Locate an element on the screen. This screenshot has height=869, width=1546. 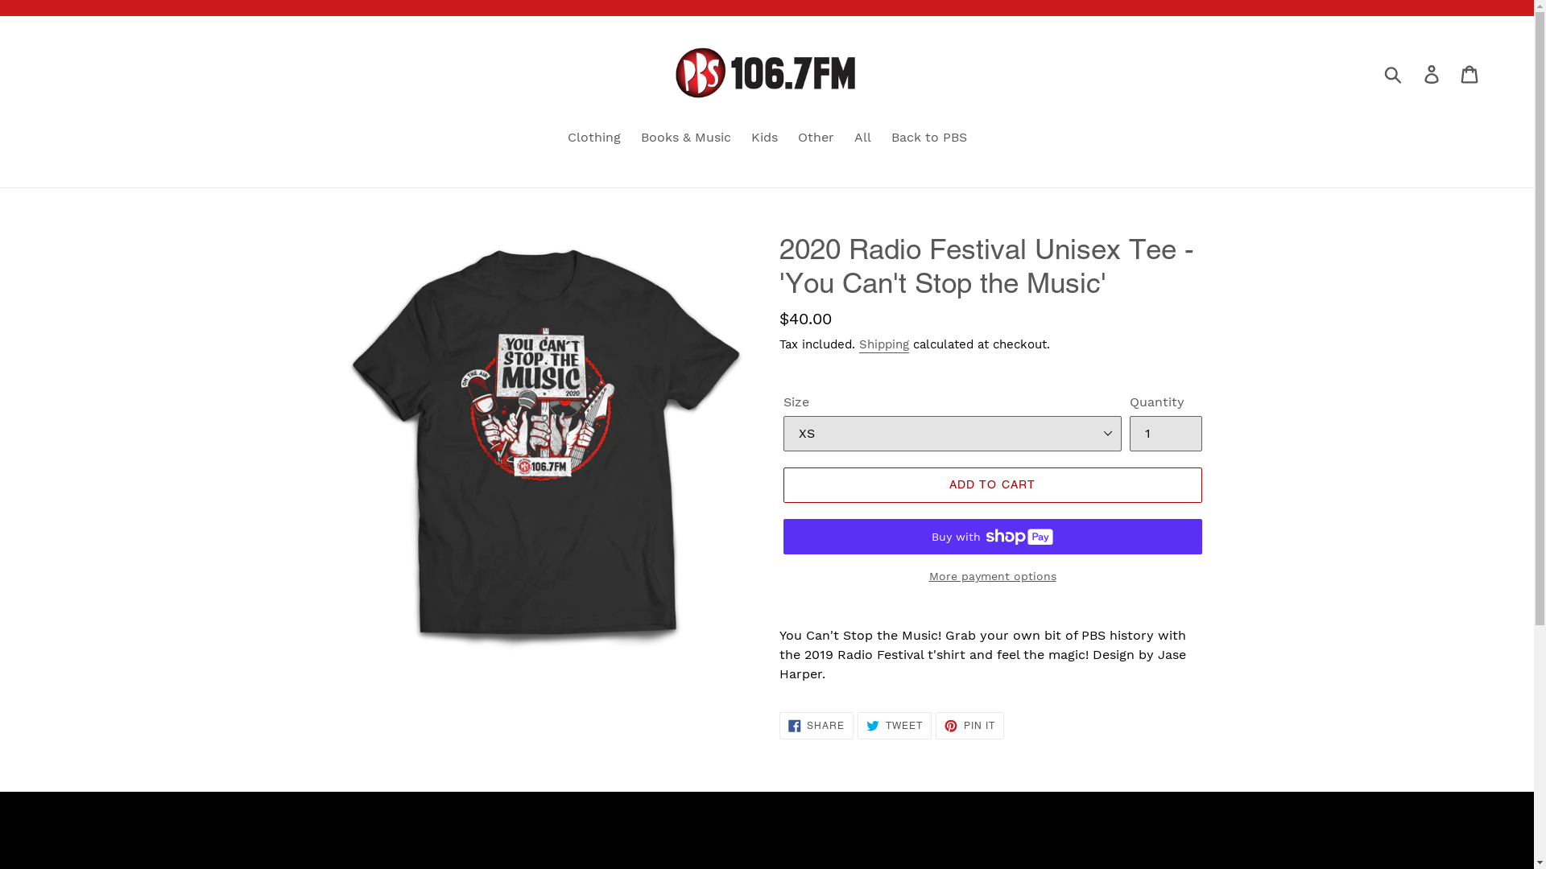
'Back to PBS' is located at coordinates (928, 138).